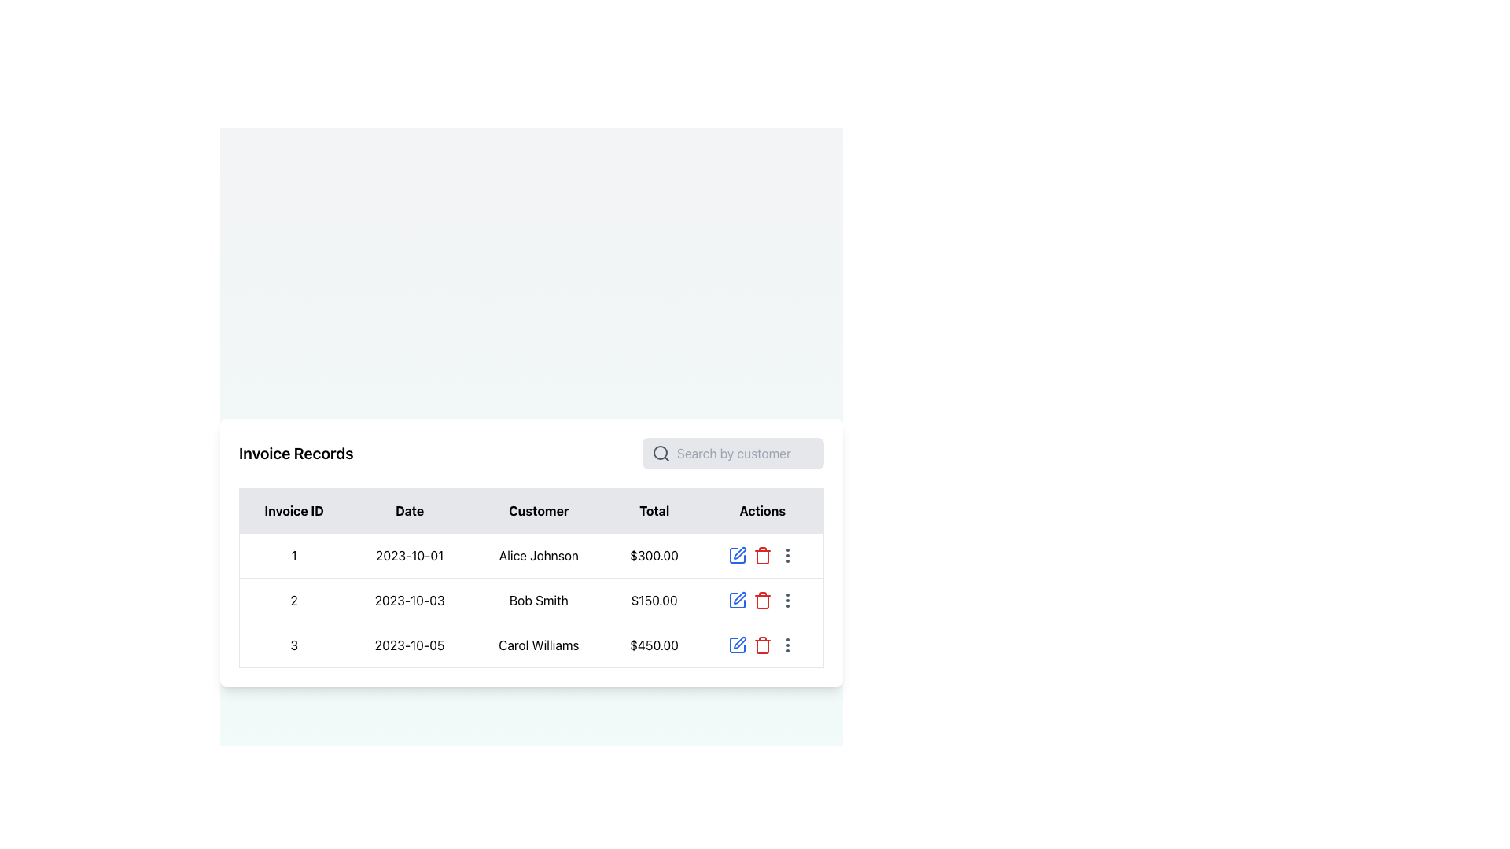 The image size is (1510, 849). Describe the element at coordinates (654, 645) in the screenshot. I see `displayed text from the Text Label that shows the total monetary amount for the invoice entry corresponding to 'Carol Williams' in the third row of the table under the 'Total' column` at that location.